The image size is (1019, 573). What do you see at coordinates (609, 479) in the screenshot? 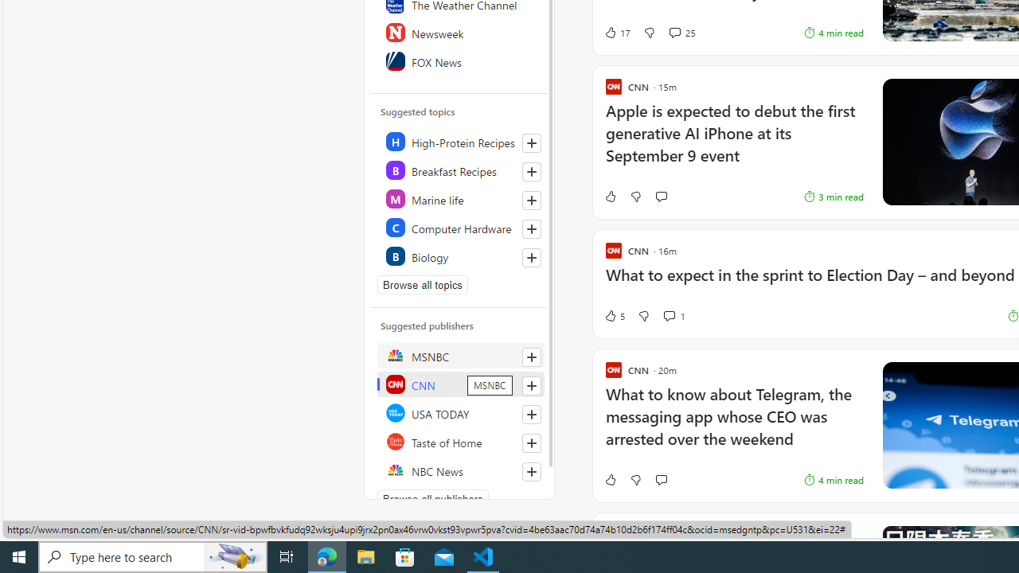
I see `'Like'` at bounding box center [609, 479].